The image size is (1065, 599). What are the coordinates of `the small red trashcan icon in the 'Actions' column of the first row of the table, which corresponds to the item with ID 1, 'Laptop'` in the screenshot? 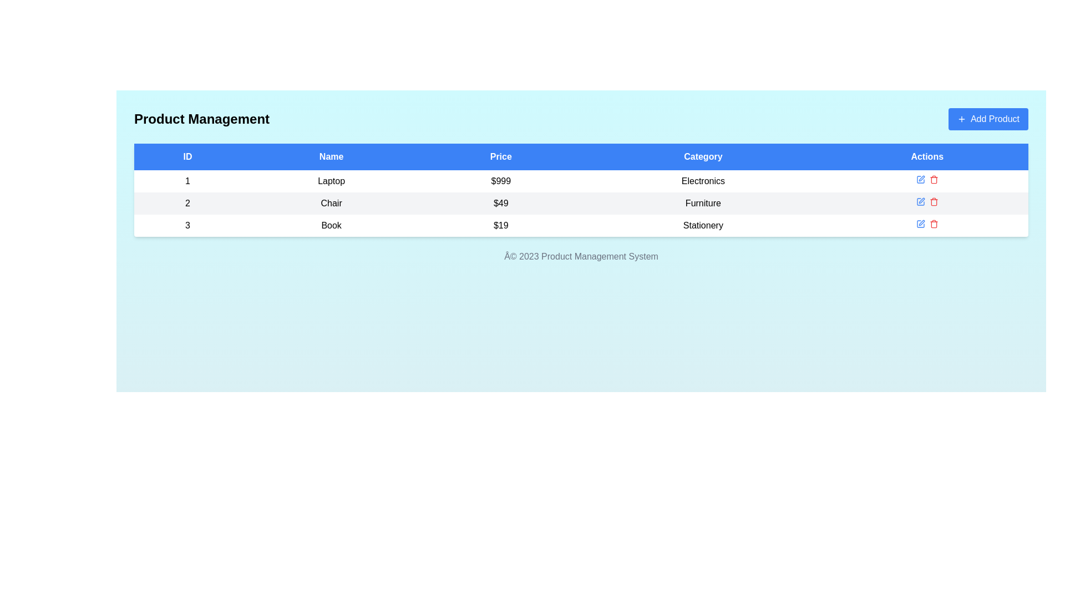 It's located at (933, 179).